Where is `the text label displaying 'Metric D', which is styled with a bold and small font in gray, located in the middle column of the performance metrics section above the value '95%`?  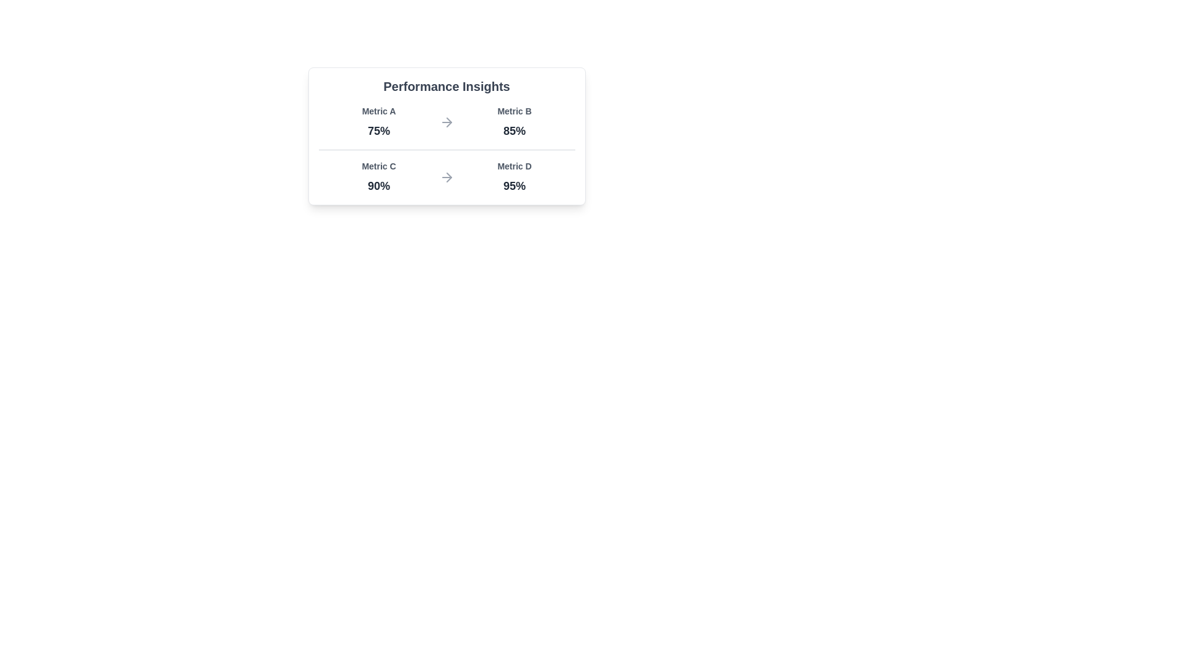
the text label displaying 'Metric D', which is styled with a bold and small font in gray, located in the middle column of the performance metrics section above the value '95% is located at coordinates (514, 166).